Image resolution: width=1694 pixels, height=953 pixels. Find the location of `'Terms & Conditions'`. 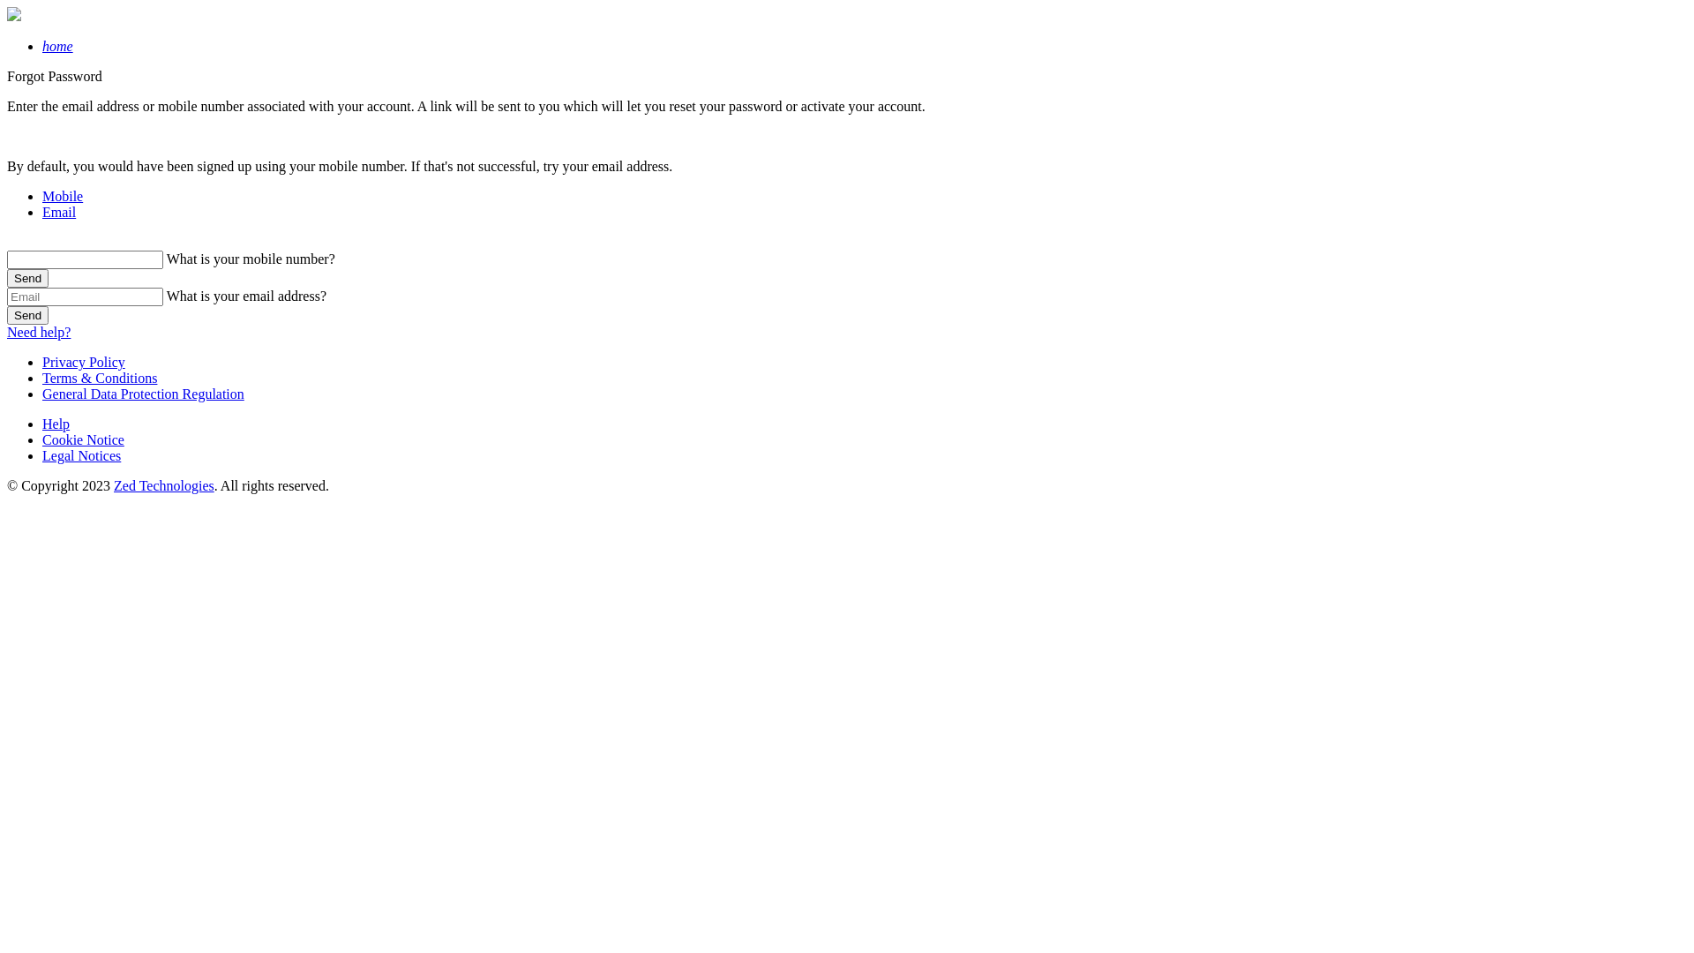

'Terms & Conditions' is located at coordinates (99, 377).